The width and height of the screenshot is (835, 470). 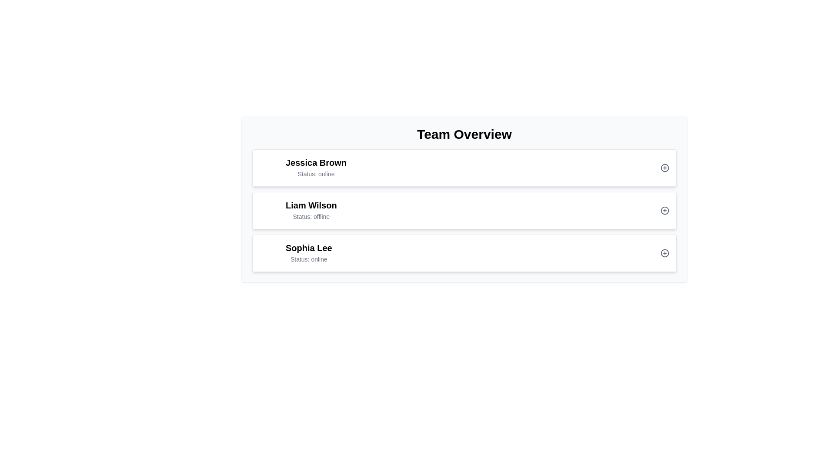 What do you see at coordinates (665, 253) in the screenshot?
I see `the SVG Circle icon associated with 'Sophia Lee'` at bounding box center [665, 253].